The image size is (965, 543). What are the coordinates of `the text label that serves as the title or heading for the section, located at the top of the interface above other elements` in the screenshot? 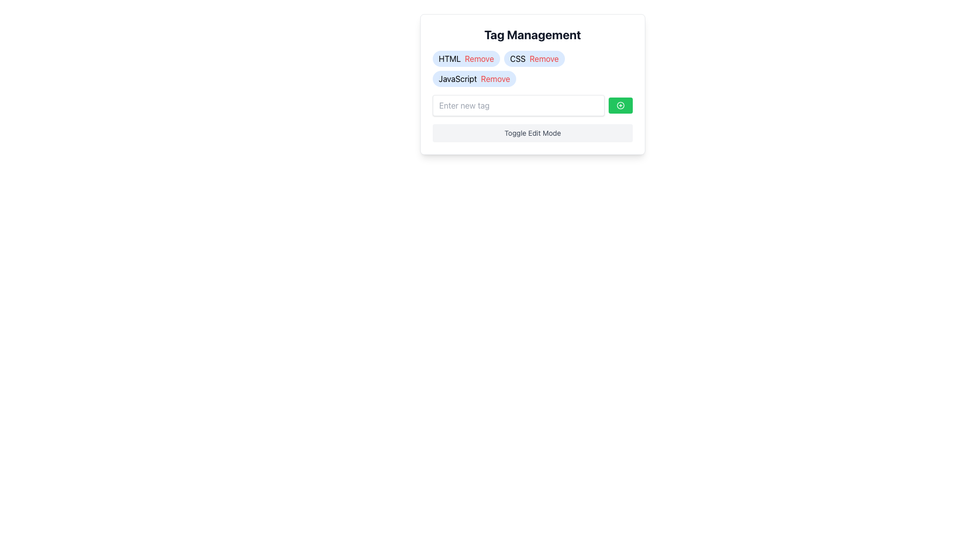 It's located at (532, 34).